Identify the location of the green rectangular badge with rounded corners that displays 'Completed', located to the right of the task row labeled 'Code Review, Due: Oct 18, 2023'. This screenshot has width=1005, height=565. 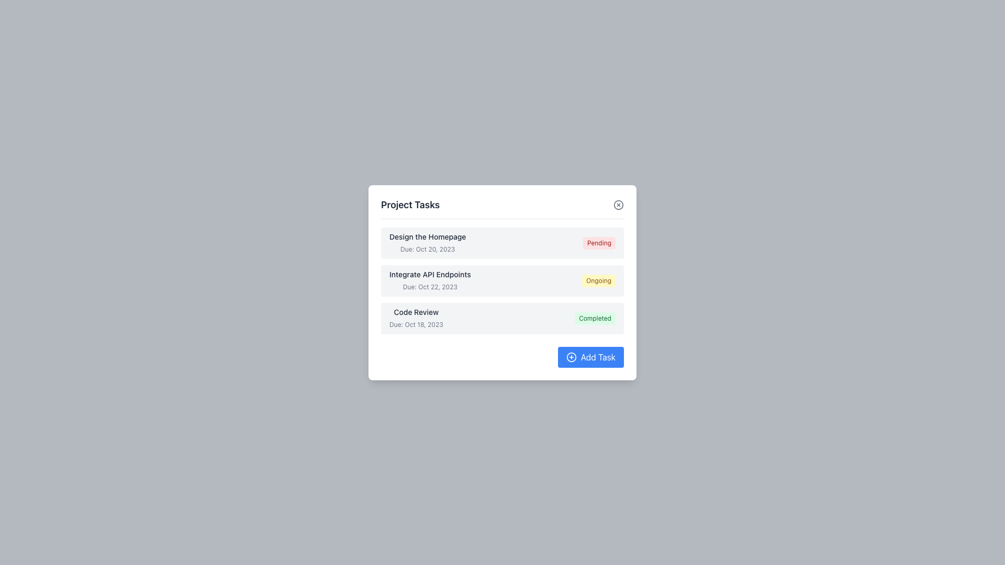
(595, 318).